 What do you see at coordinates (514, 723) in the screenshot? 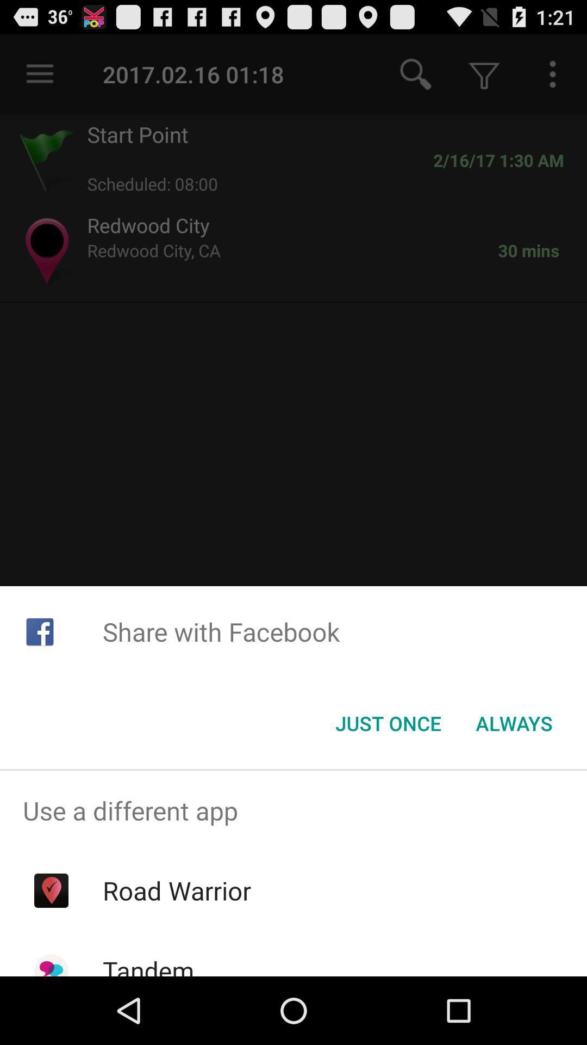
I see `item below share with facebook` at bounding box center [514, 723].